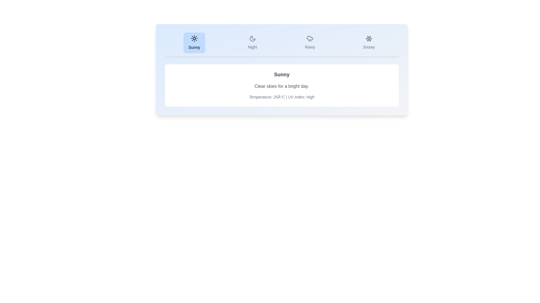  What do you see at coordinates (194, 42) in the screenshot?
I see `the tab corresponding to Sunny to activate it` at bounding box center [194, 42].